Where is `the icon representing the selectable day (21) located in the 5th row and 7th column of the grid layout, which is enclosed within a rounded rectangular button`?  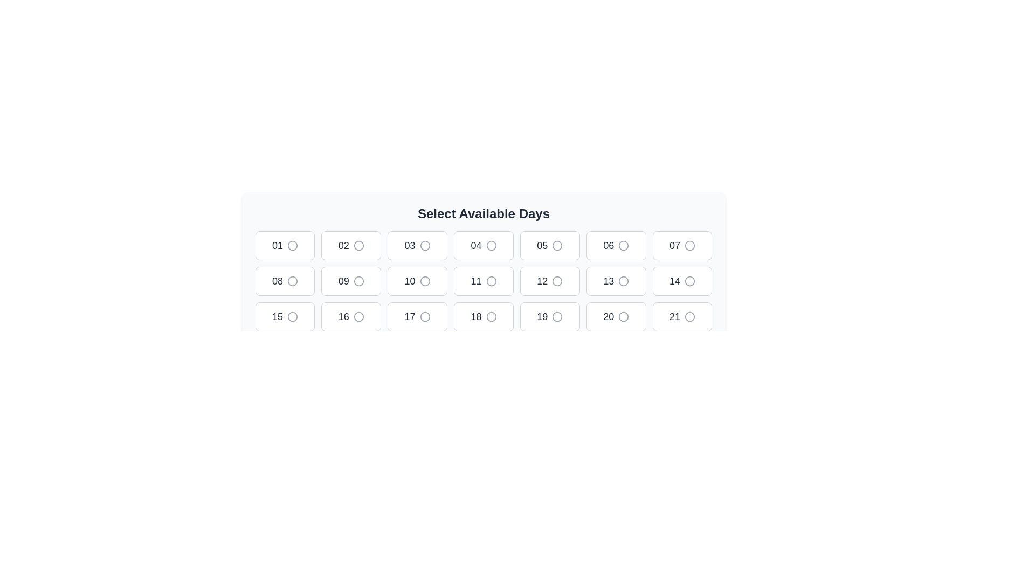 the icon representing the selectable day (21) located in the 5th row and 7th column of the grid layout, which is enclosed within a rounded rectangular button is located at coordinates (690, 316).